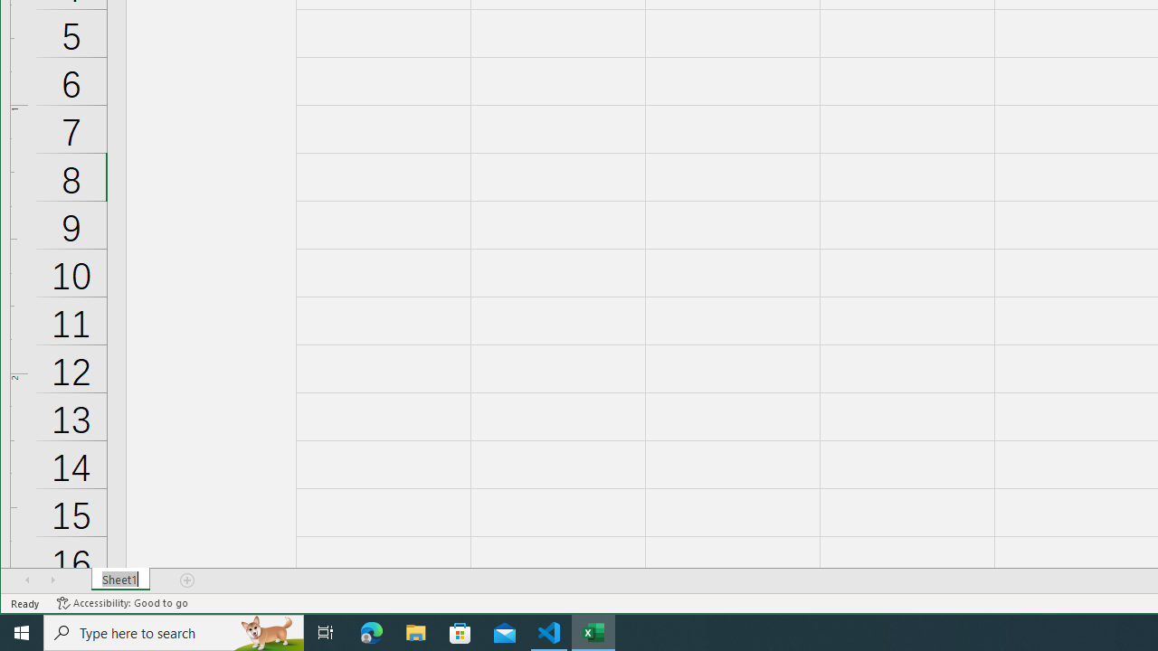  I want to click on 'Scroll Right', so click(52, 580).